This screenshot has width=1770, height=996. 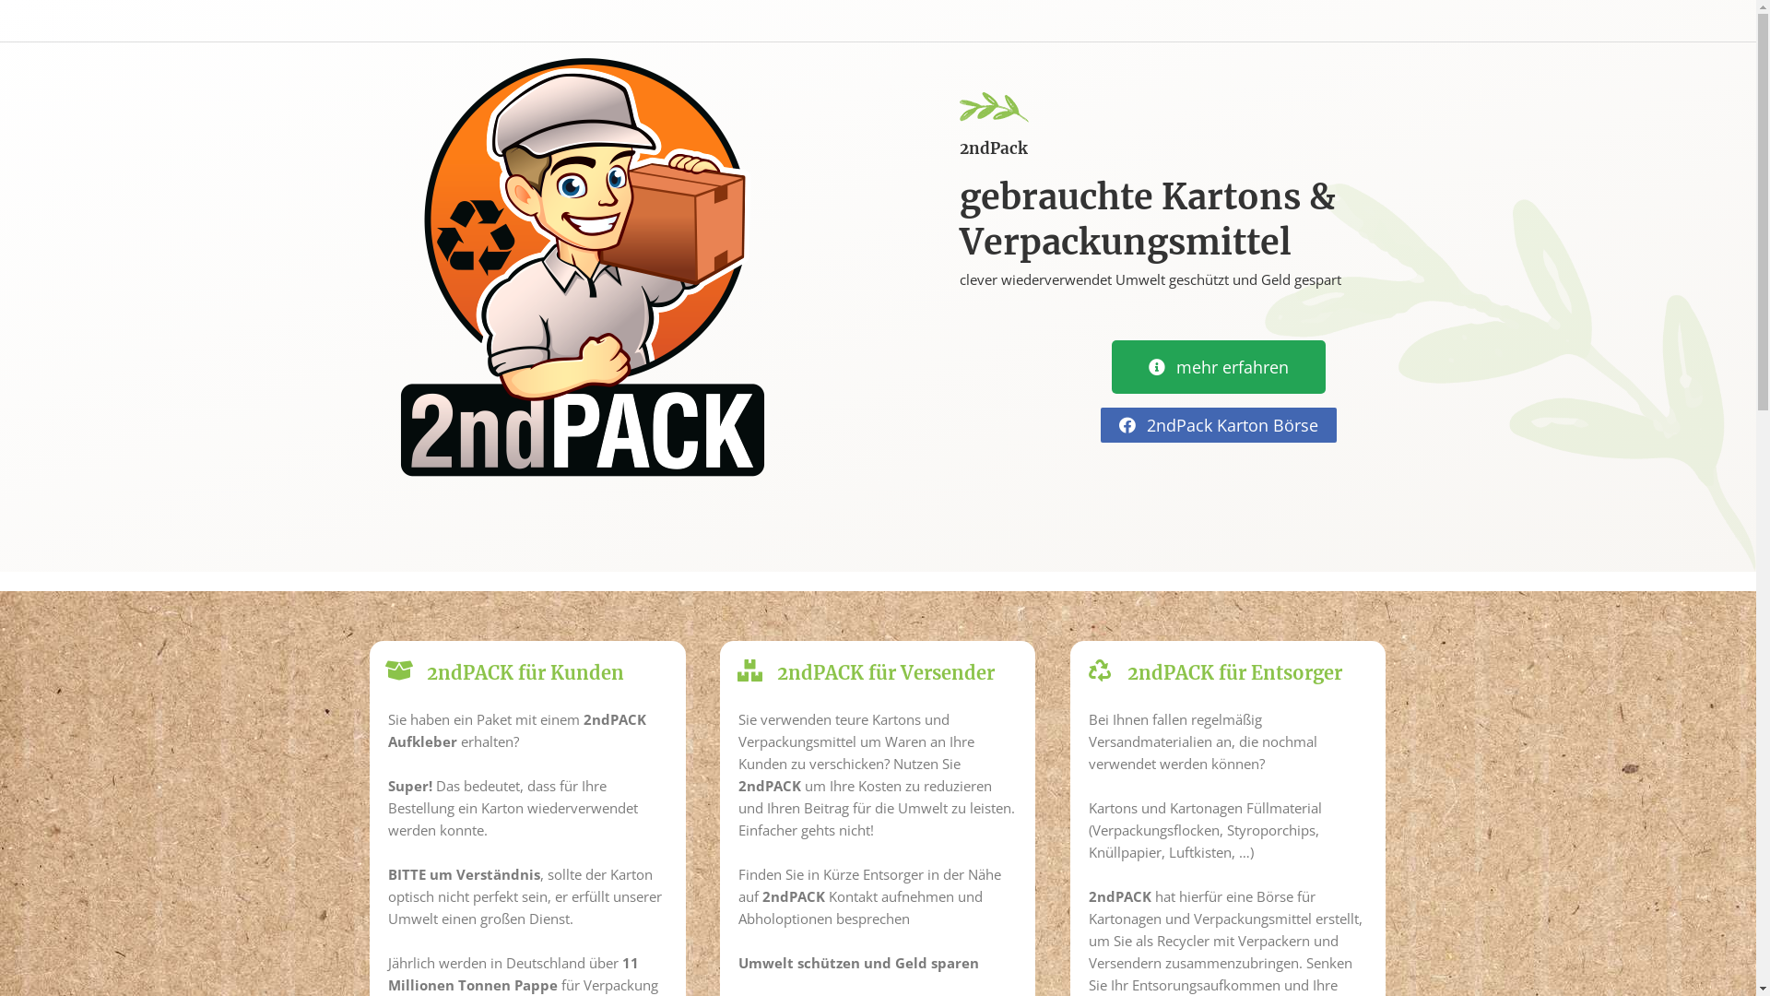 What do you see at coordinates (1218, 366) in the screenshot?
I see `'mehr erfahren'` at bounding box center [1218, 366].